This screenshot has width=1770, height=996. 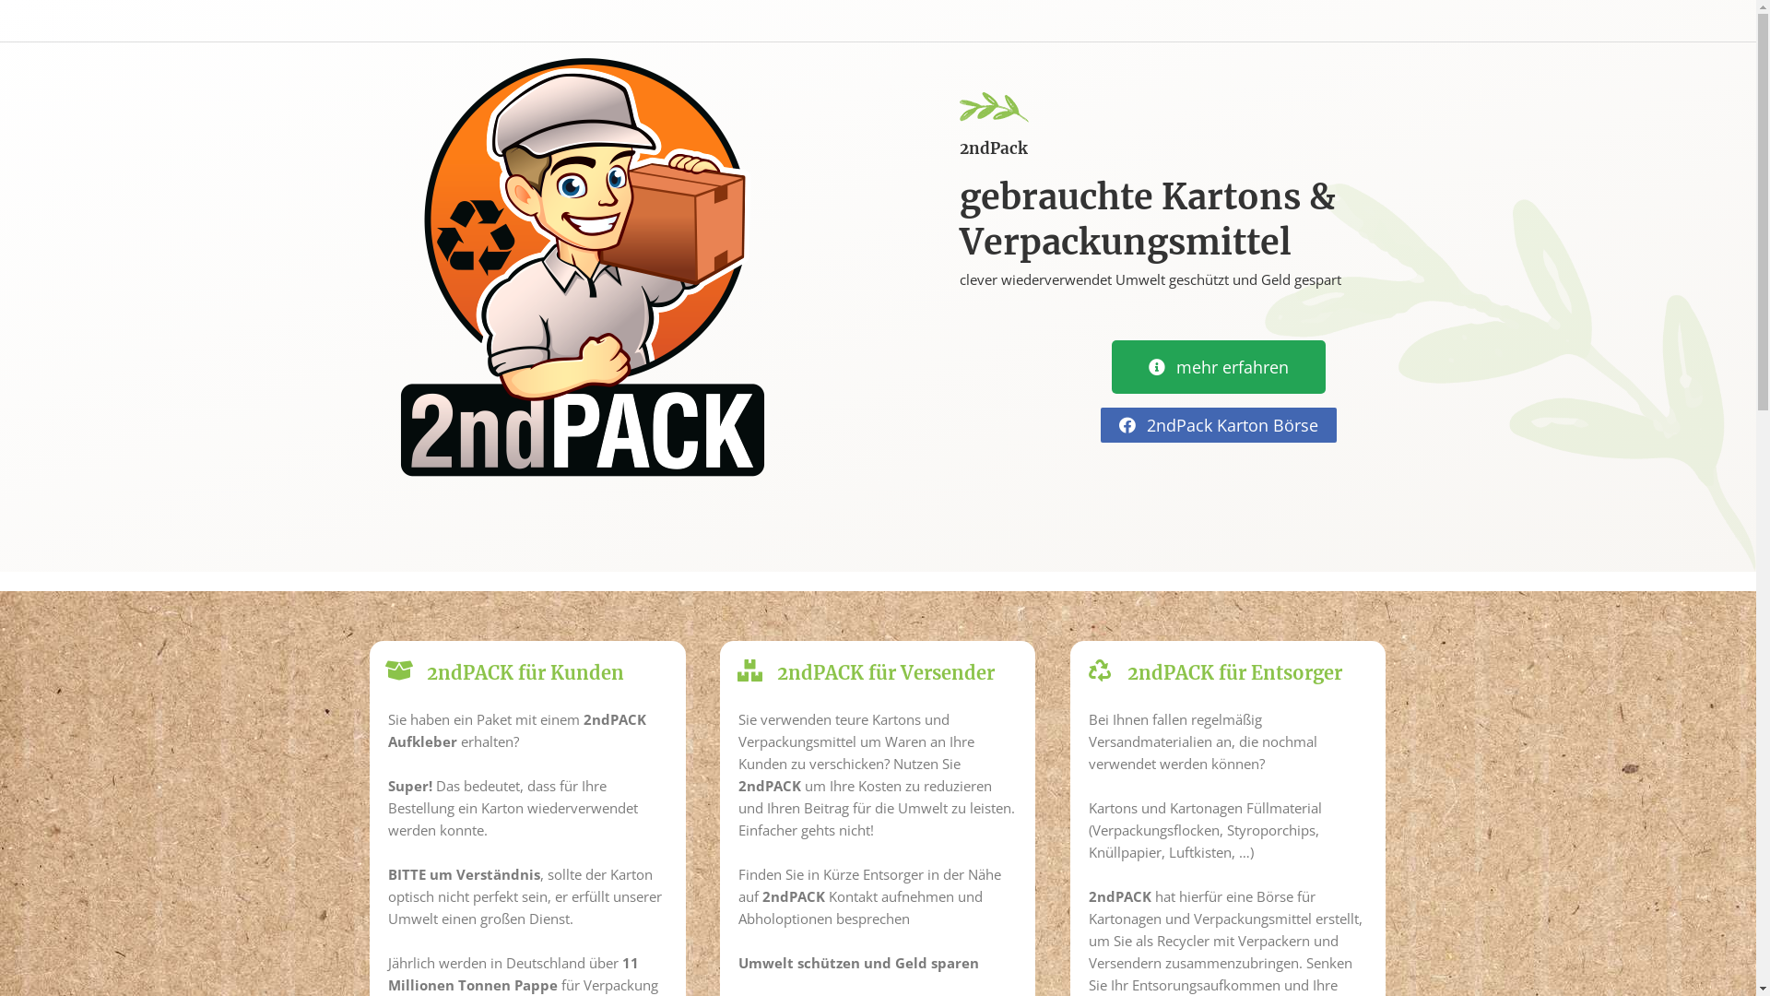 What do you see at coordinates (1218, 366) in the screenshot?
I see `'mehr erfahren'` at bounding box center [1218, 366].